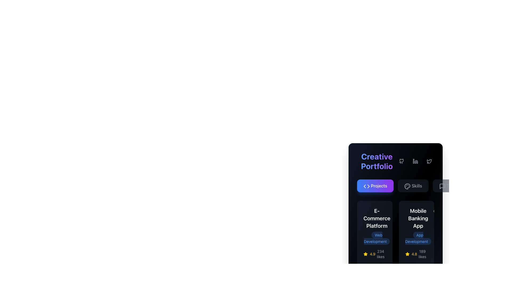  Describe the element at coordinates (402, 161) in the screenshot. I see `the GitHub icon button located in the top-right section of the card, which is the first link in a row of three icons, to potentially trigger a visual effect` at that location.